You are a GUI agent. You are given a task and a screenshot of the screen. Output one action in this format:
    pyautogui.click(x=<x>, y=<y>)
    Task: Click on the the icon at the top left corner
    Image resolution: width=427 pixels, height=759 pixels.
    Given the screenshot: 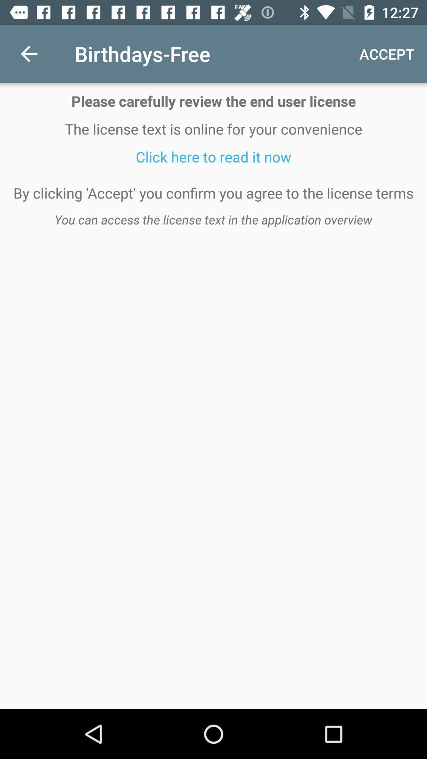 What is the action you would take?
    pyautogui.click(x=28, y=53)
    